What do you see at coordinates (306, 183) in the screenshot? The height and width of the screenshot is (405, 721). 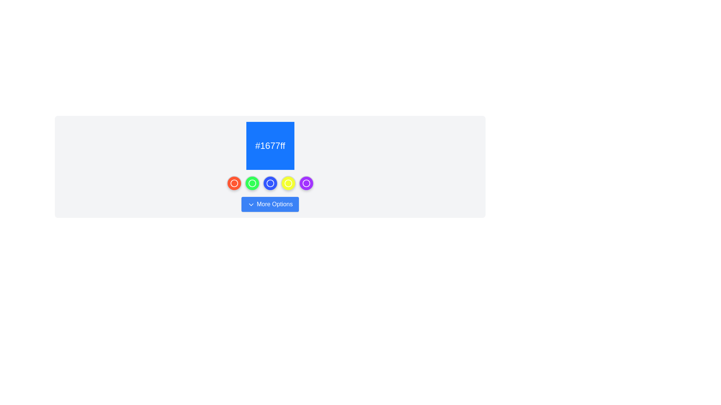 I see `the sixth circular button with a purple background and a white outline, located below the blue square labeled '#1677ff'` at bounding box center [306, 183].